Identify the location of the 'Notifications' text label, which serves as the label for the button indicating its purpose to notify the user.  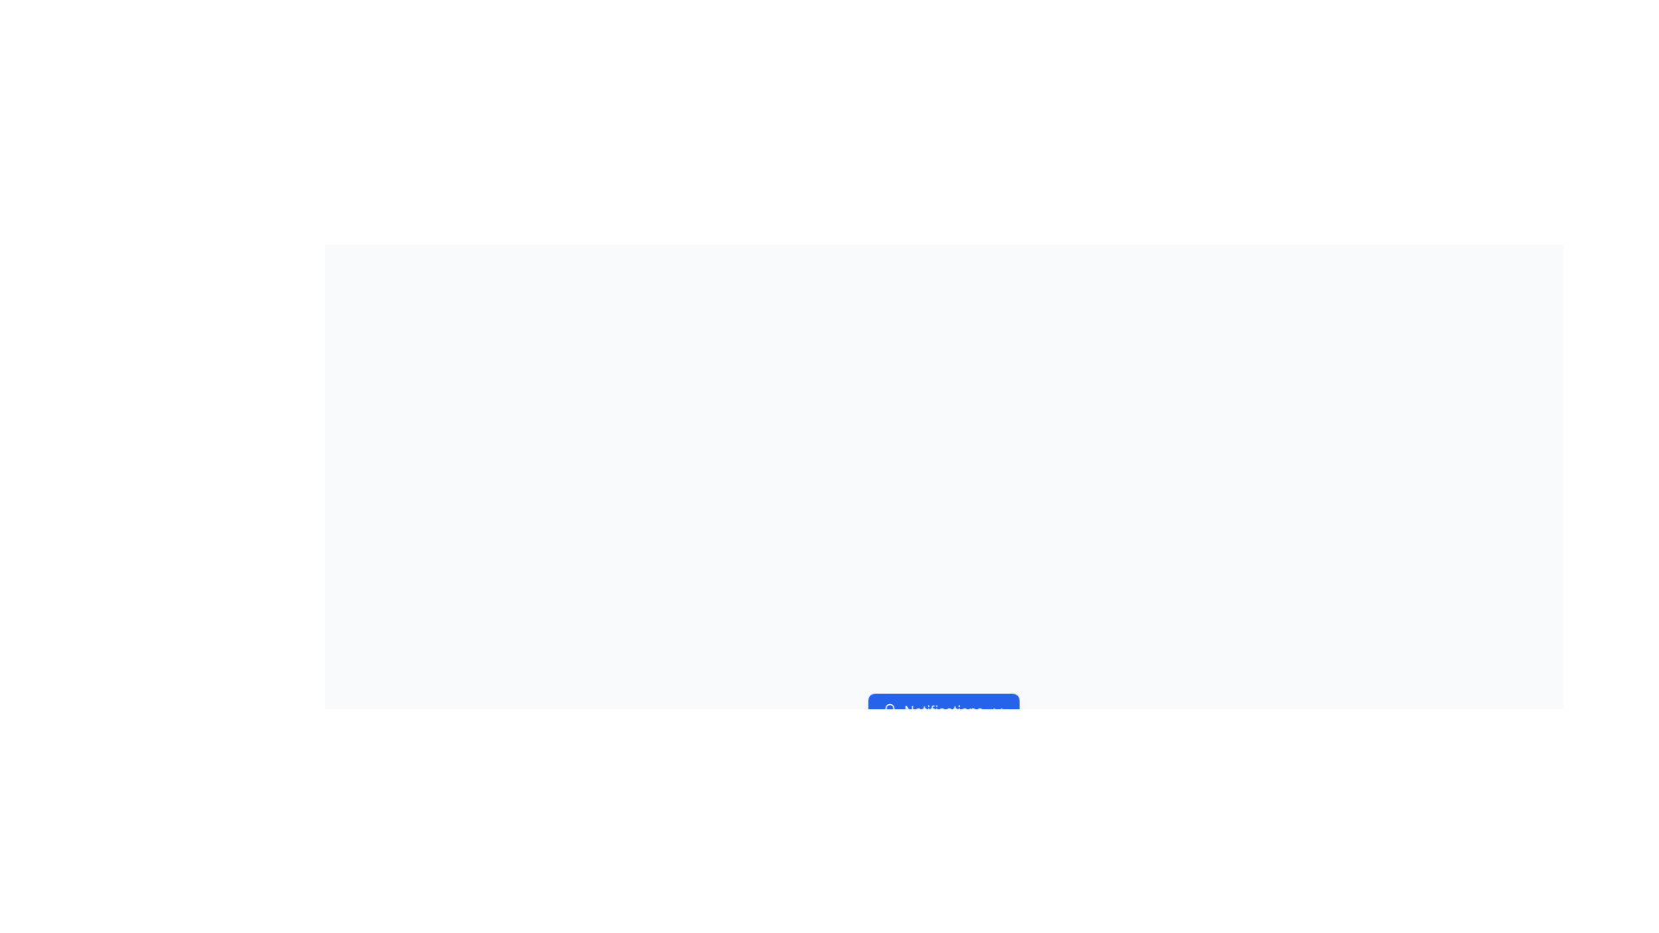
(943, 710).